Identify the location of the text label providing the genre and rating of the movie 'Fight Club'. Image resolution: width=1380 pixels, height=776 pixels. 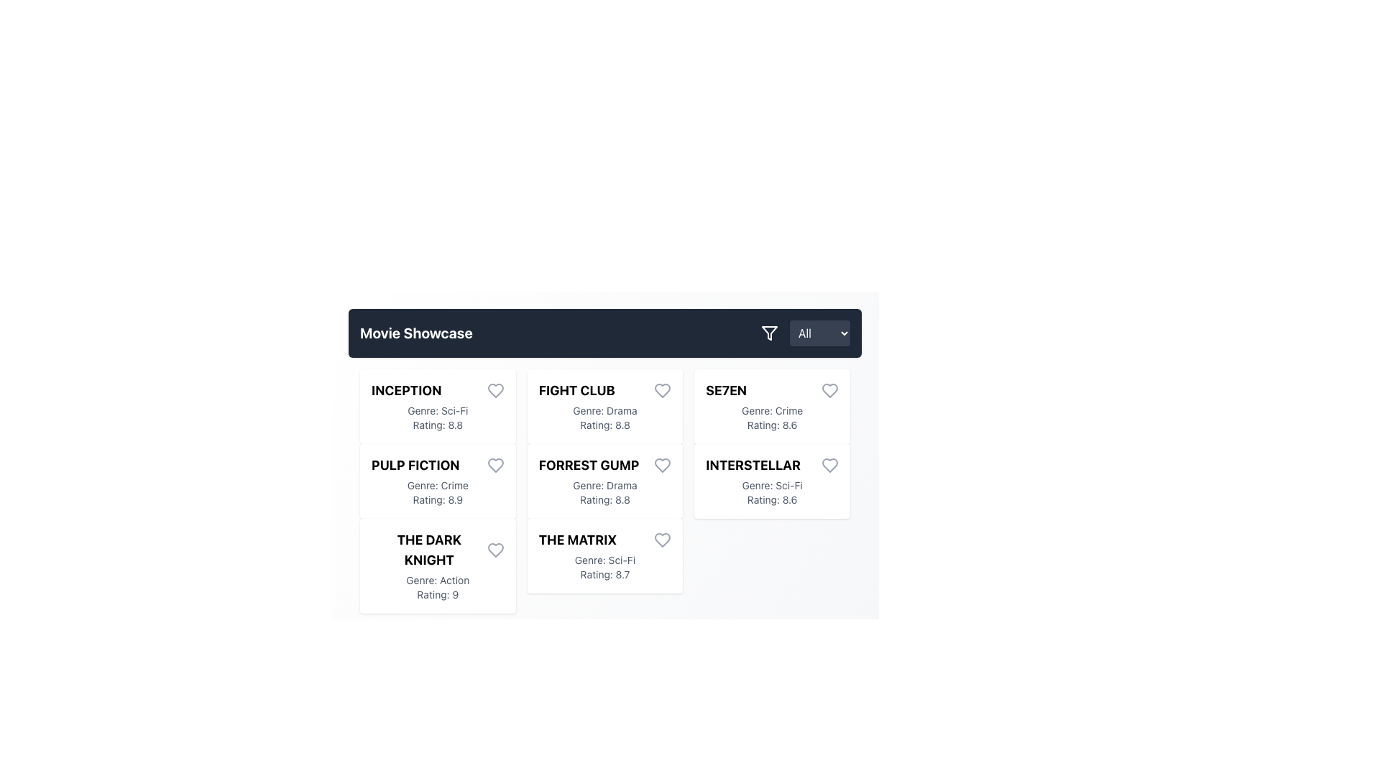
(604, 418).